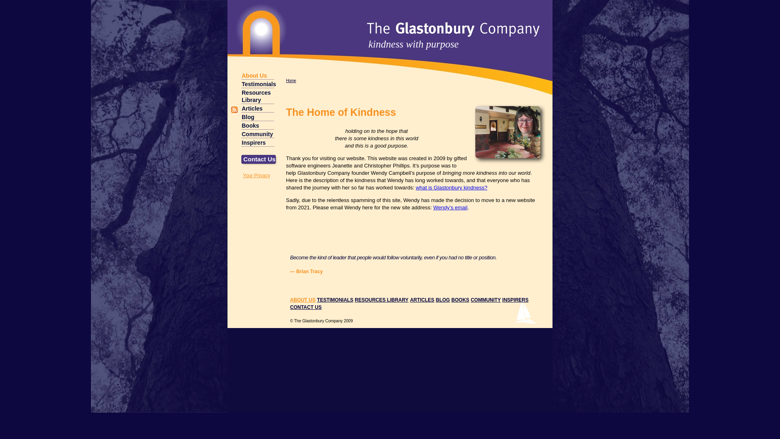 Image resolution: width=780 pixels, height=439 pixels. Describe the element at coordinates (243, 175) in the screenshot. I see `'Your Privacy'` at that location.